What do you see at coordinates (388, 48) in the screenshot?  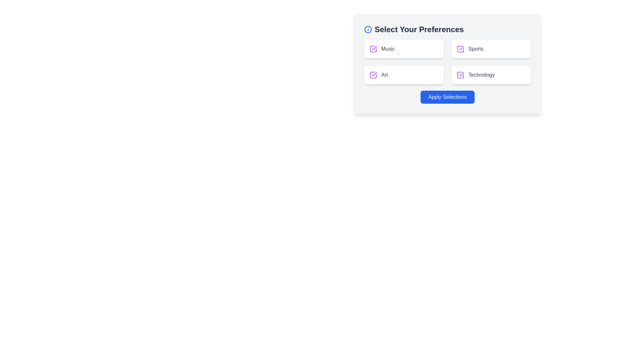 I see `the associated checkbox for selection` at bounding box center [388, 48].